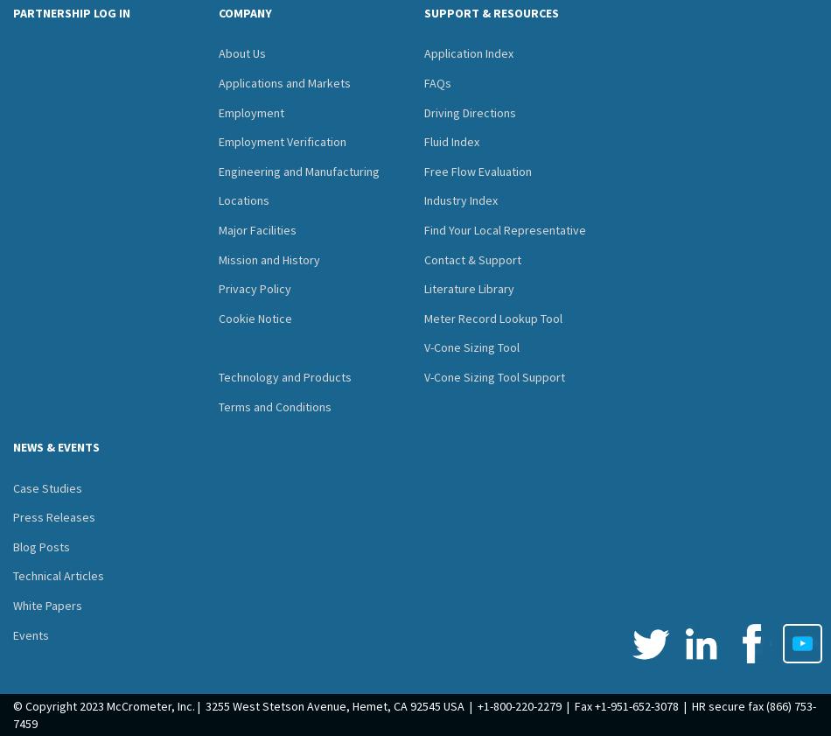  I want to click on 'Technology and Products', so click(284, 376).